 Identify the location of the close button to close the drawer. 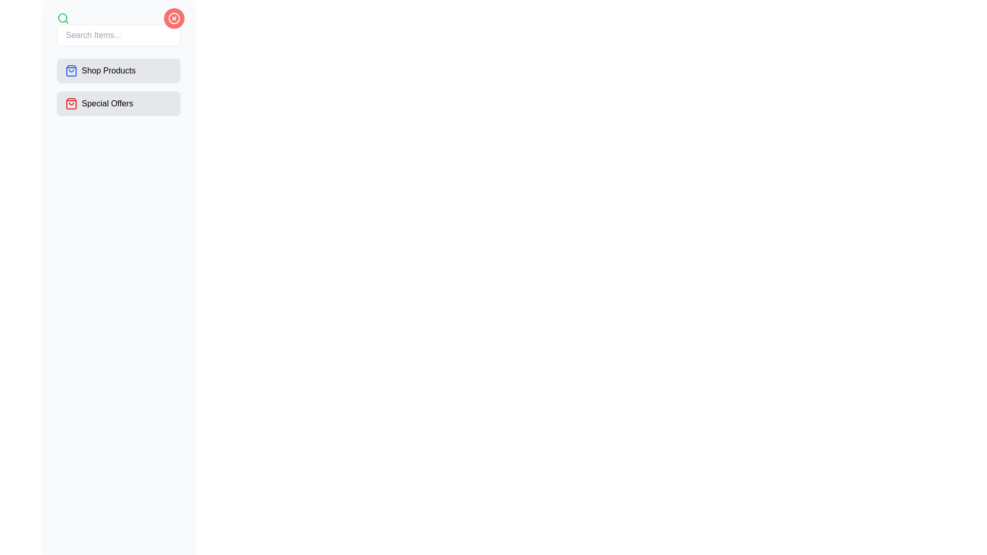
(174, 18).